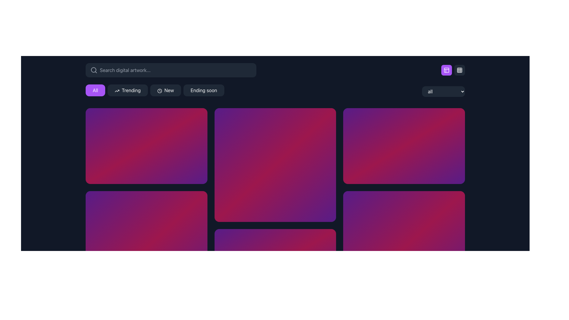 This screenshot has height=320, width=569. What do you see at coordinates (93, 70) in the screenshot?
I see `the search icon located at the far-left inside the search bar component` at bounding box center [93, 70].